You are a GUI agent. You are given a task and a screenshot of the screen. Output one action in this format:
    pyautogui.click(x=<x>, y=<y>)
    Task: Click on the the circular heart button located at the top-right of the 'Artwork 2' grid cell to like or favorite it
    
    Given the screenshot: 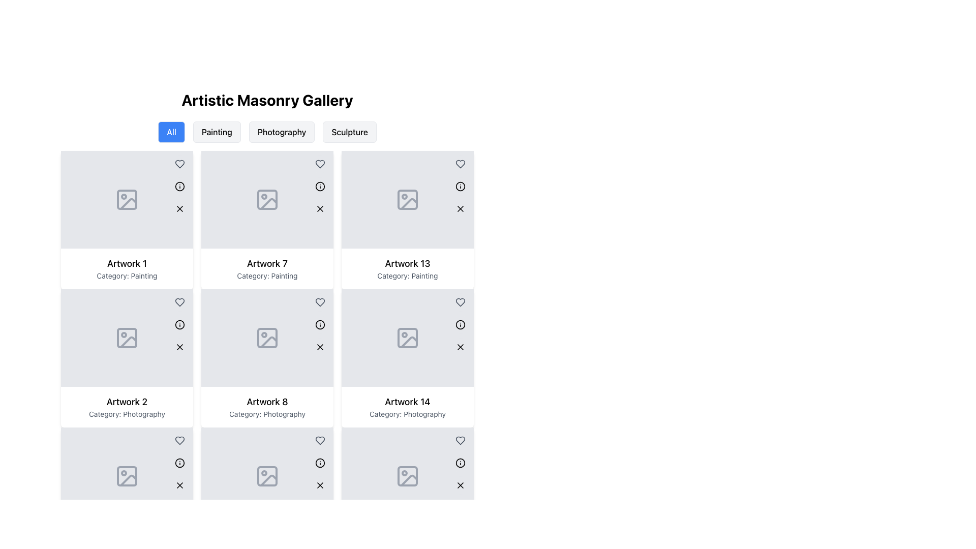 What is the action you would take?
    pyautogui.click(x=180, y=440)
    